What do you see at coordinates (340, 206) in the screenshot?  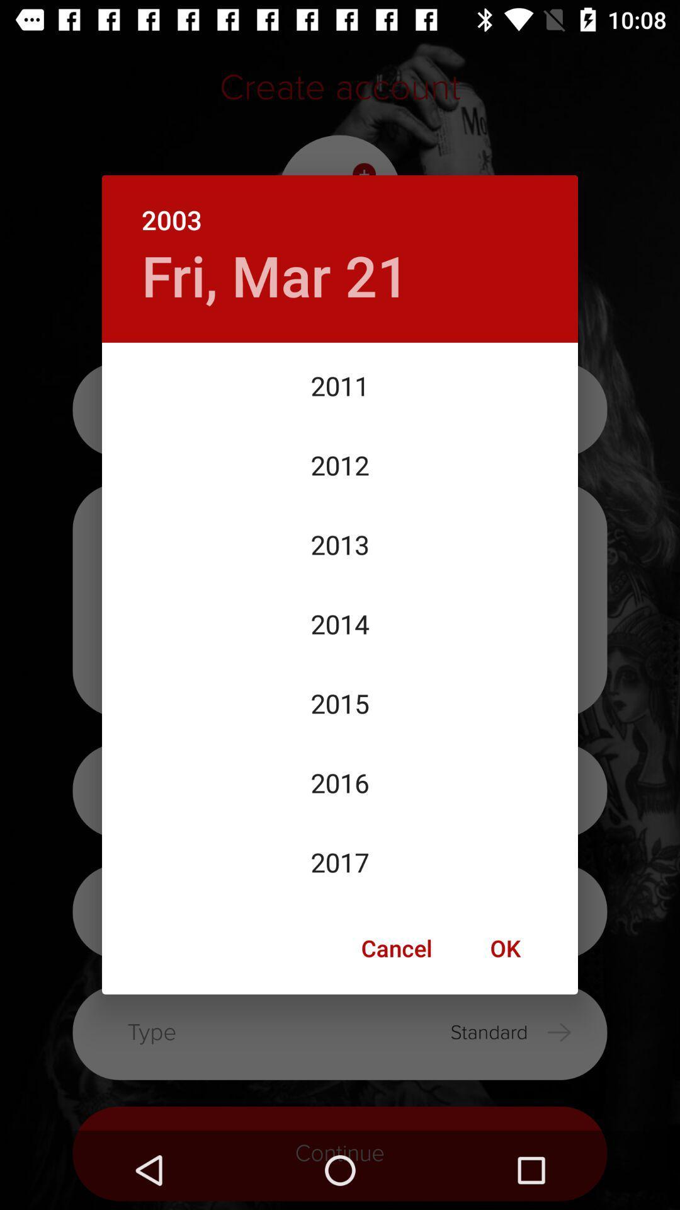 I see `2003 icon` at bounding box center [340, 206].